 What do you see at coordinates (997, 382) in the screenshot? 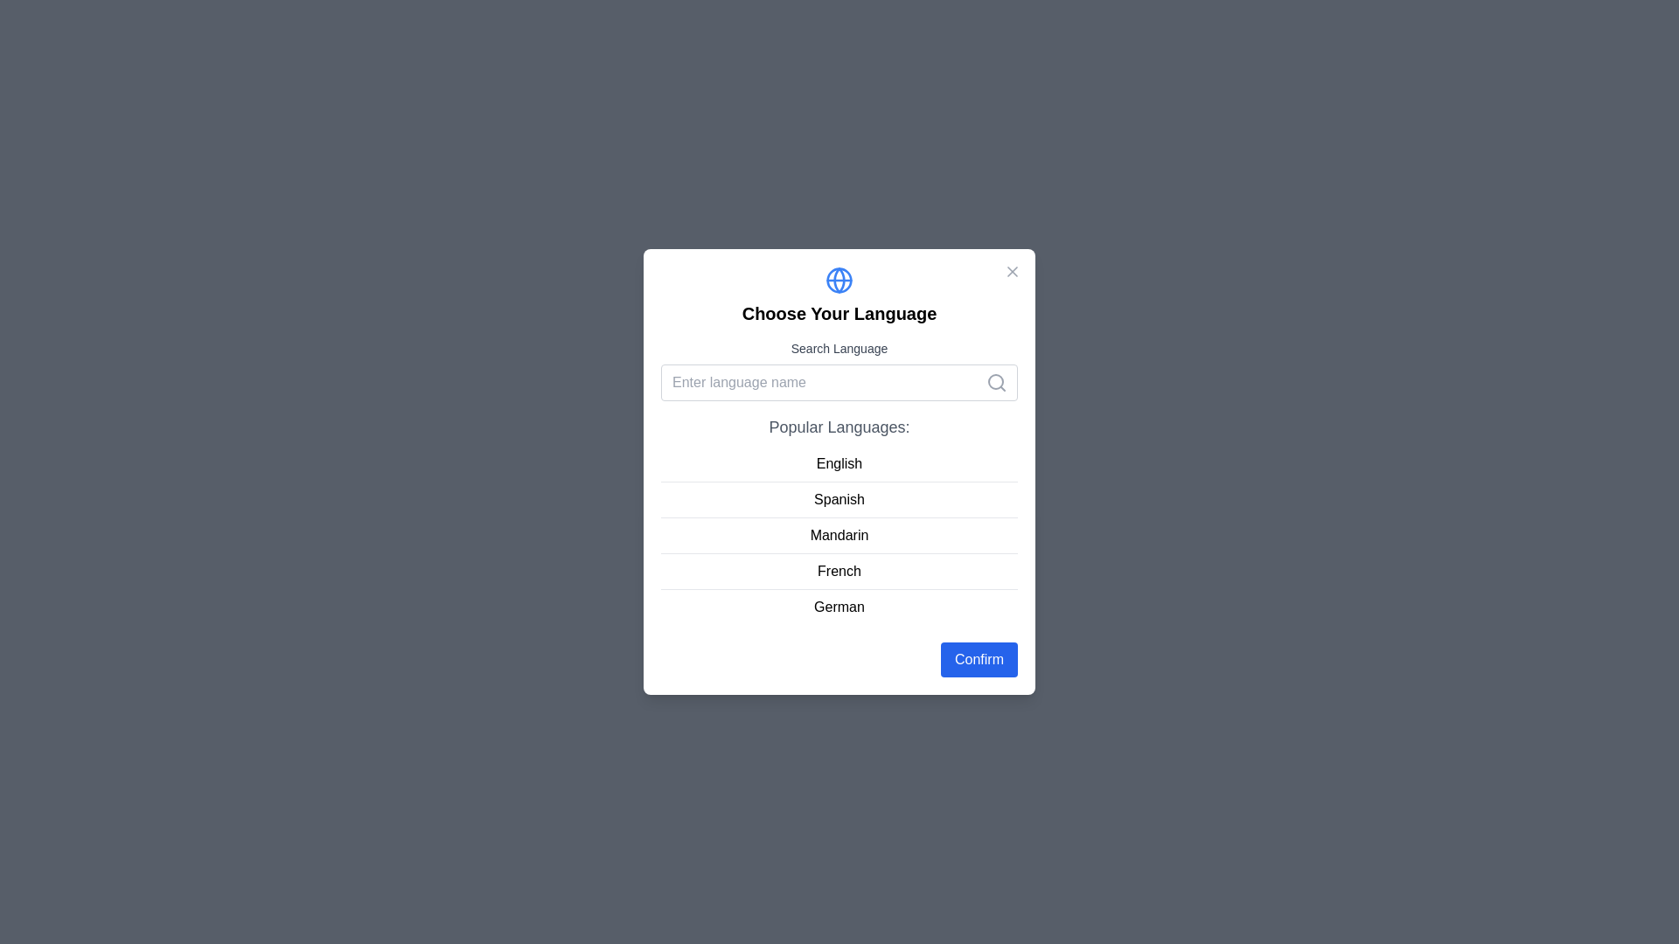
I see `the search icon to trigger the search function` at bounding box center [997, 382].